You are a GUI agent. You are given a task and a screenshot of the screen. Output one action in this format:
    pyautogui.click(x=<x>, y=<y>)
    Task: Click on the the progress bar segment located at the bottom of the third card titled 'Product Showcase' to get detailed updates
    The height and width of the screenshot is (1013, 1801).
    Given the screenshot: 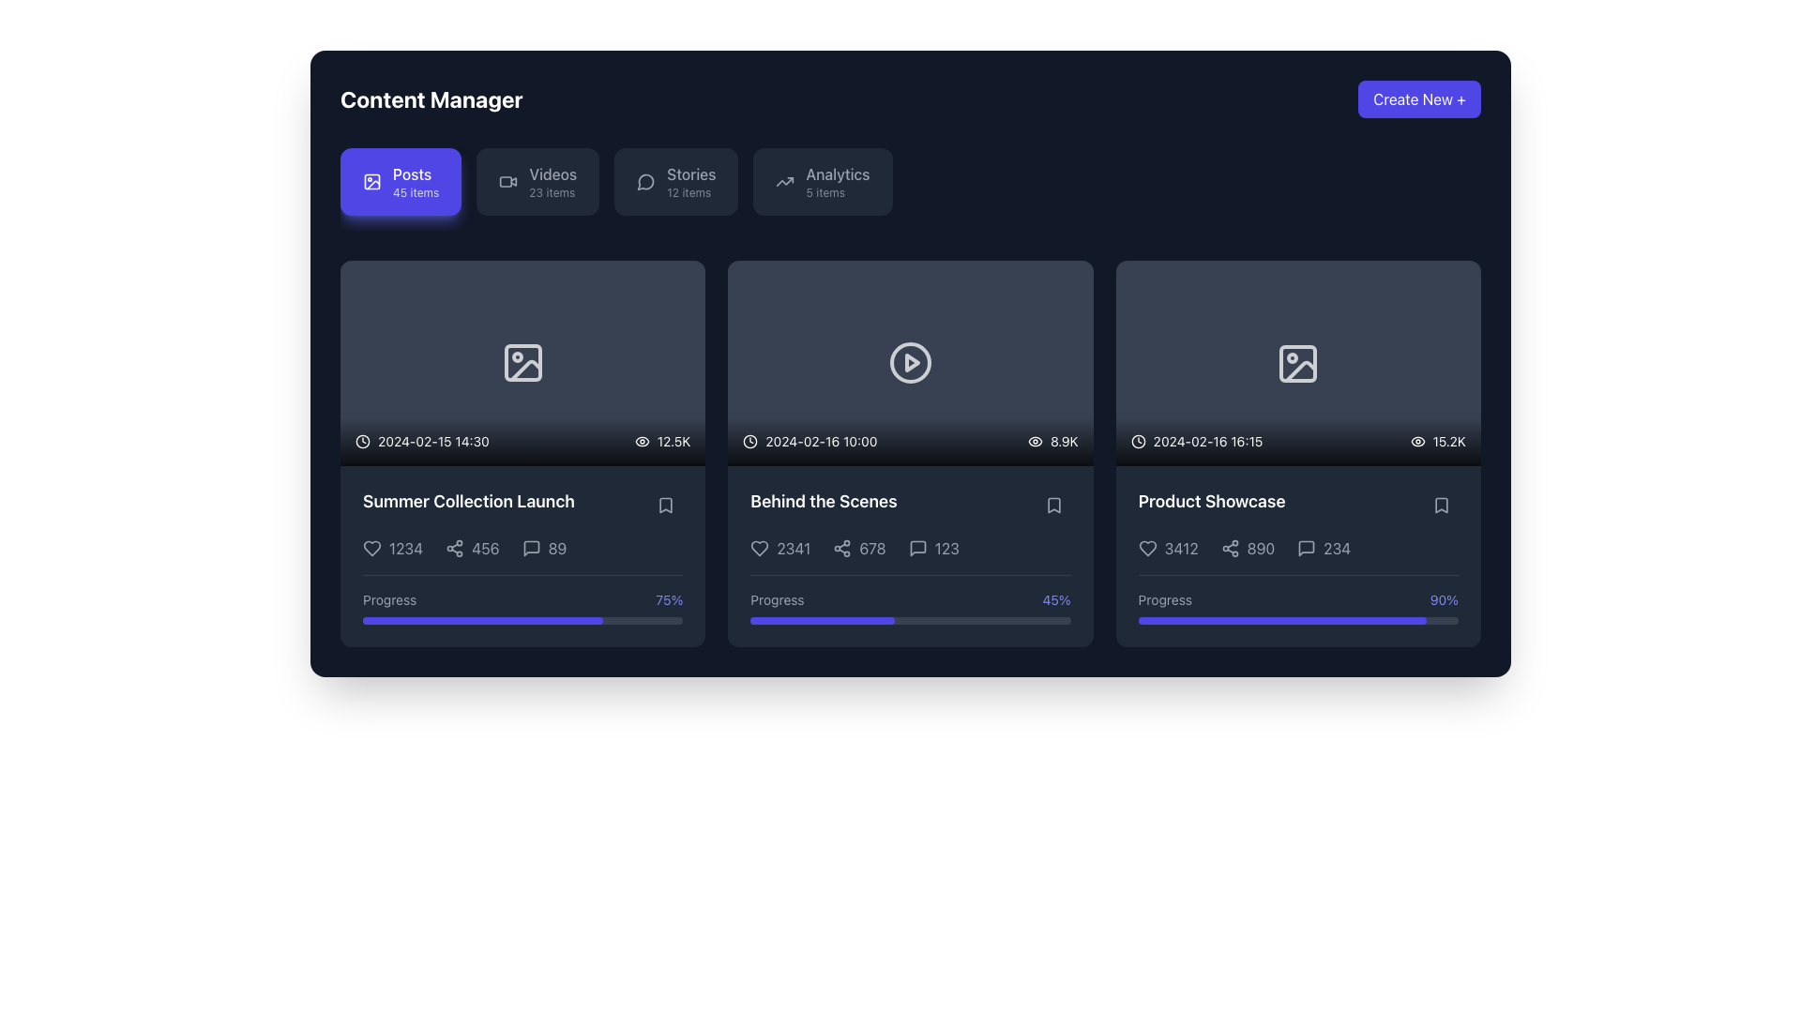 What is the action you would take?
    pyautogui.click(x=1281, y=621)
    